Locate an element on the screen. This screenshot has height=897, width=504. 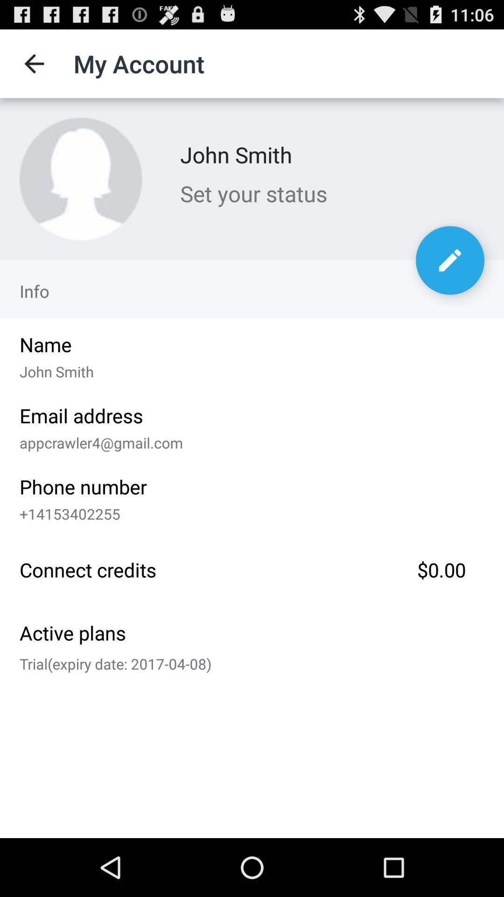
image is located at coordinates (80, 179).